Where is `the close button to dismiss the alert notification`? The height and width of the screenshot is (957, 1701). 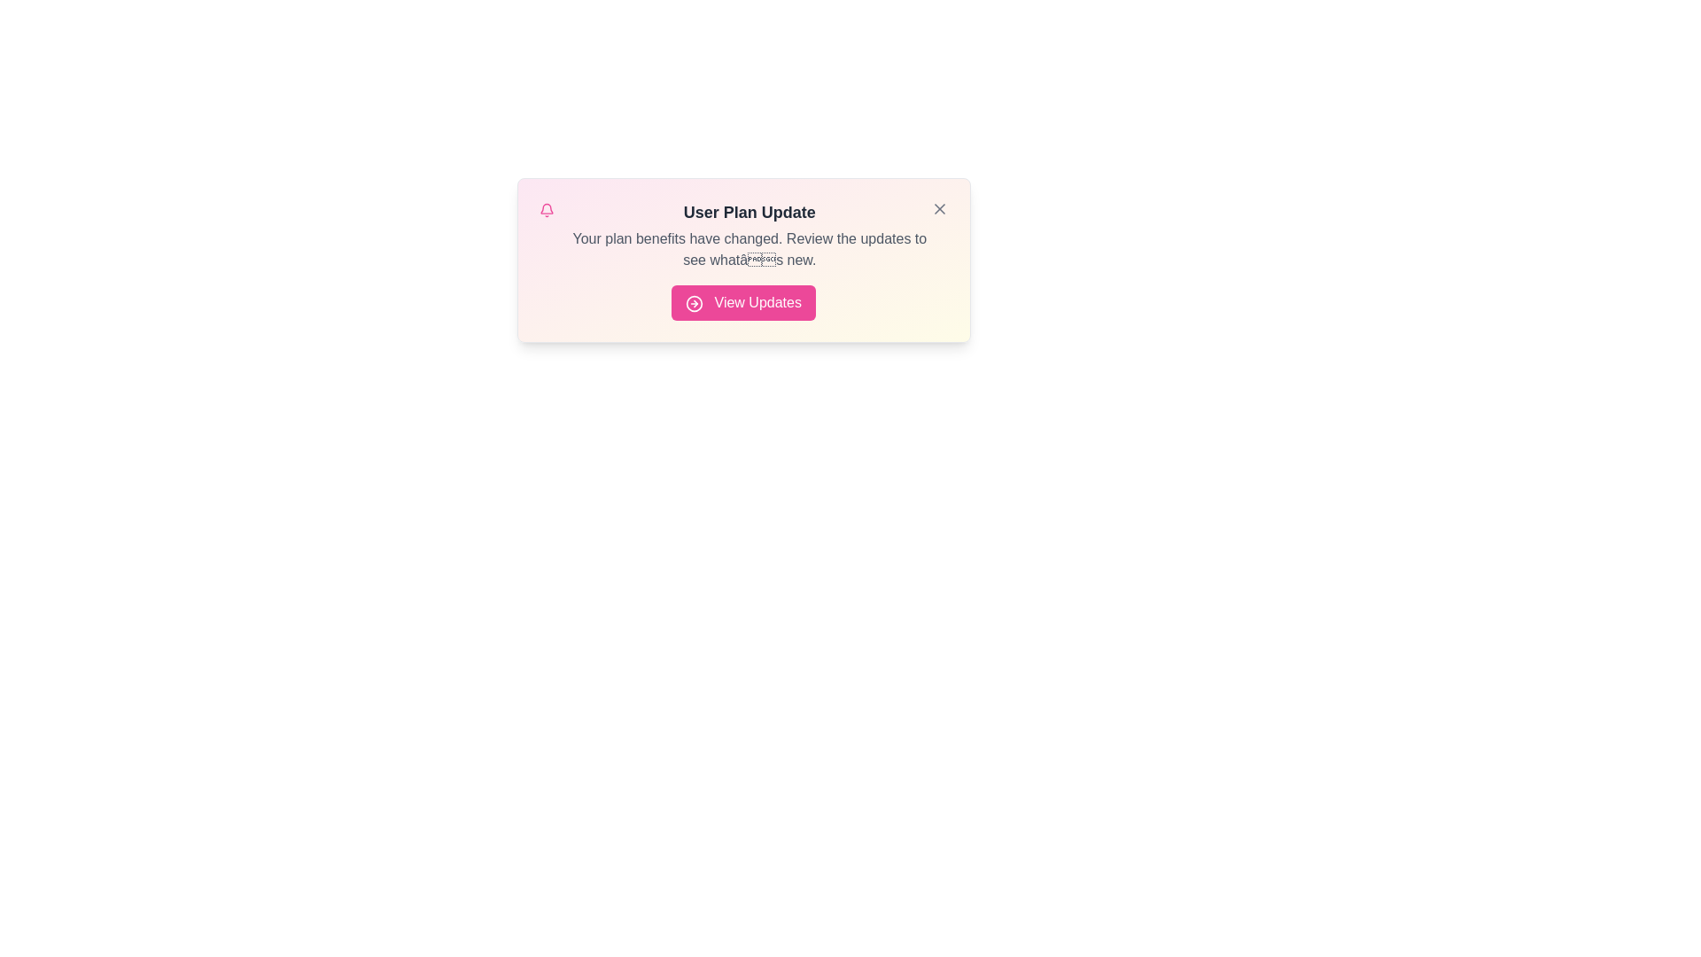 the close button to dismiss the alert notification is located at coordinates (938, 207).